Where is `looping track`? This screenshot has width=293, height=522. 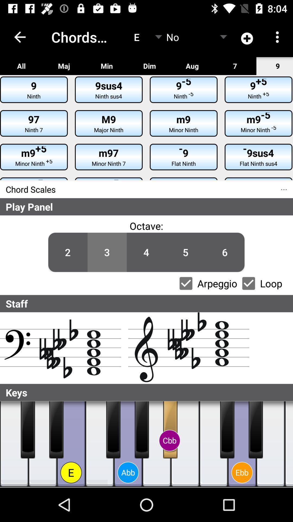 looping track is located at coordinates (249, 283).